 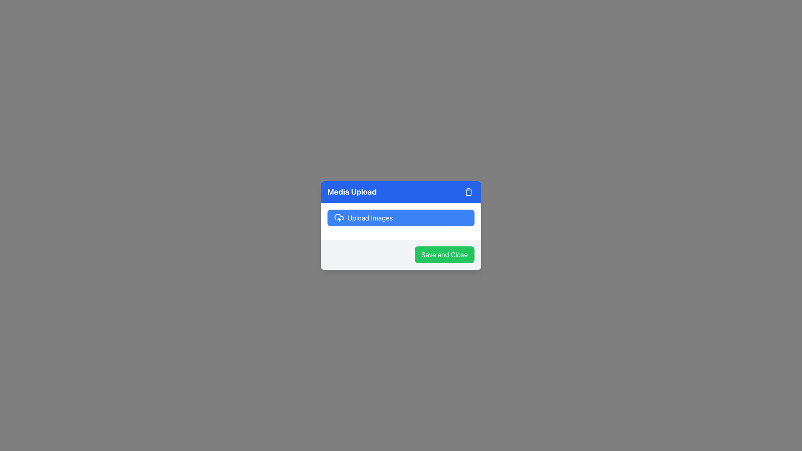 I want to click on the small, square-shaped delete button with a blue background located in the top-right corner of the 'Media Upload' modal to visualize its hover effects, so click(x=469, y=192).